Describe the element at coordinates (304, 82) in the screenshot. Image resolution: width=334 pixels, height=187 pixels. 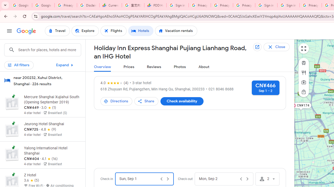
I see `'Attractions'` at that location.